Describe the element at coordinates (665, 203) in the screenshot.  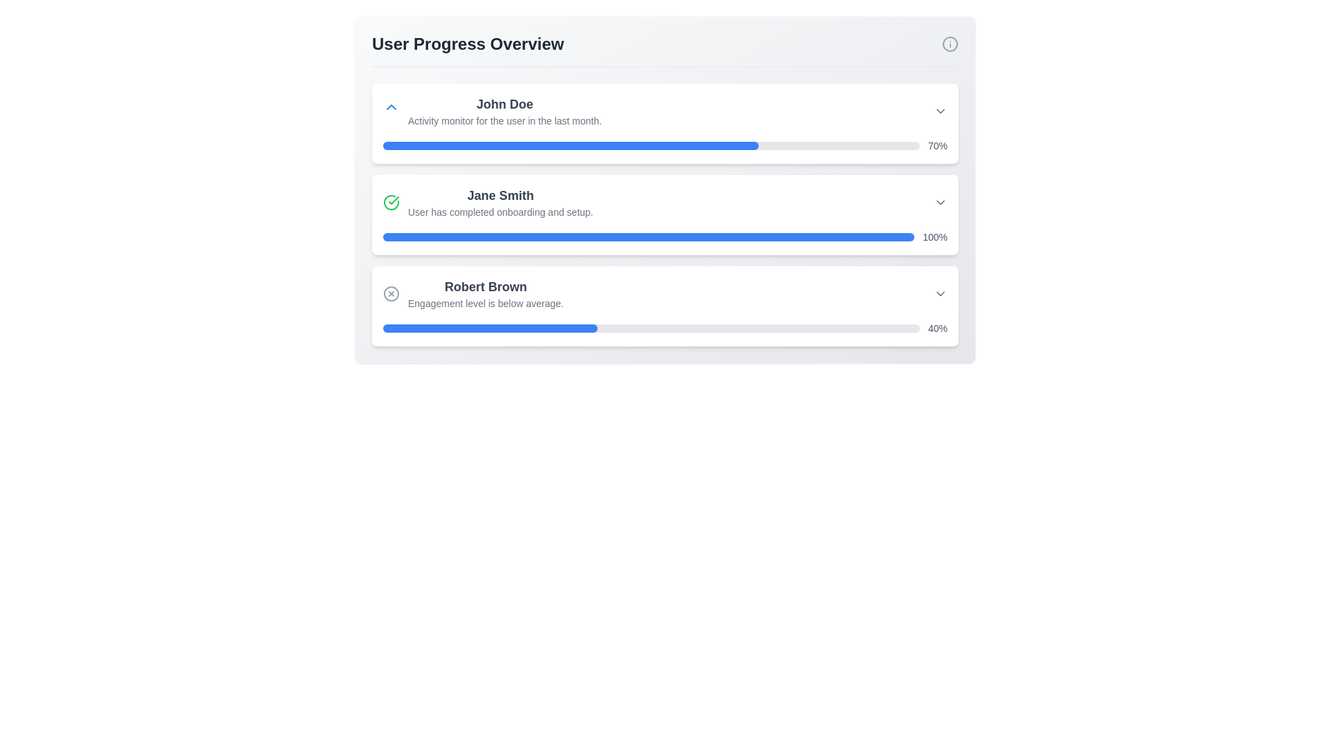
I see `the information card entry summarizing Jane Smith's progress, which is the second entry in the list of user progress cards` at that location.